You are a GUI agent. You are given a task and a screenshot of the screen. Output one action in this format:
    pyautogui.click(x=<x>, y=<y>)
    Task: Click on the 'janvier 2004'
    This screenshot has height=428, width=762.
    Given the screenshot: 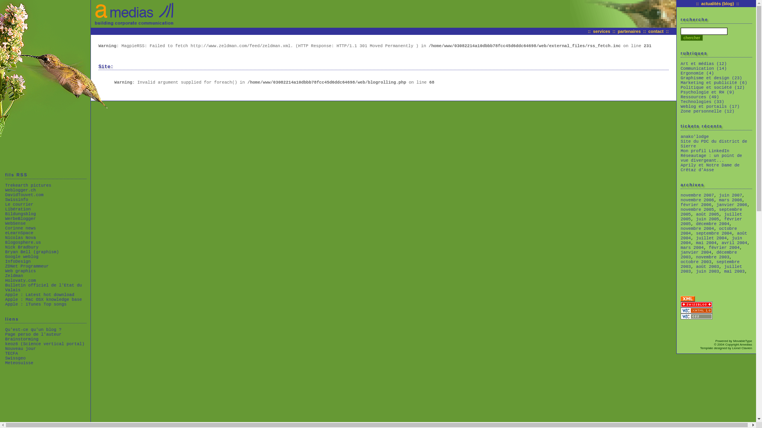 What is the action you would take?
    pyautogui.click(x=695, y=252)
    